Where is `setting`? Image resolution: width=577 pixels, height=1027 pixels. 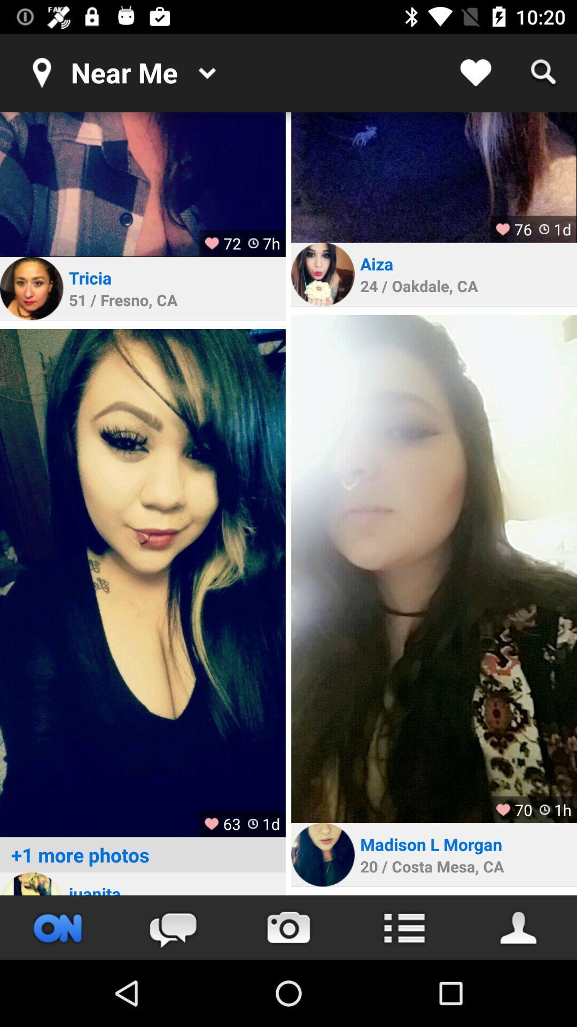
setting is located at coordinates (404, 927).